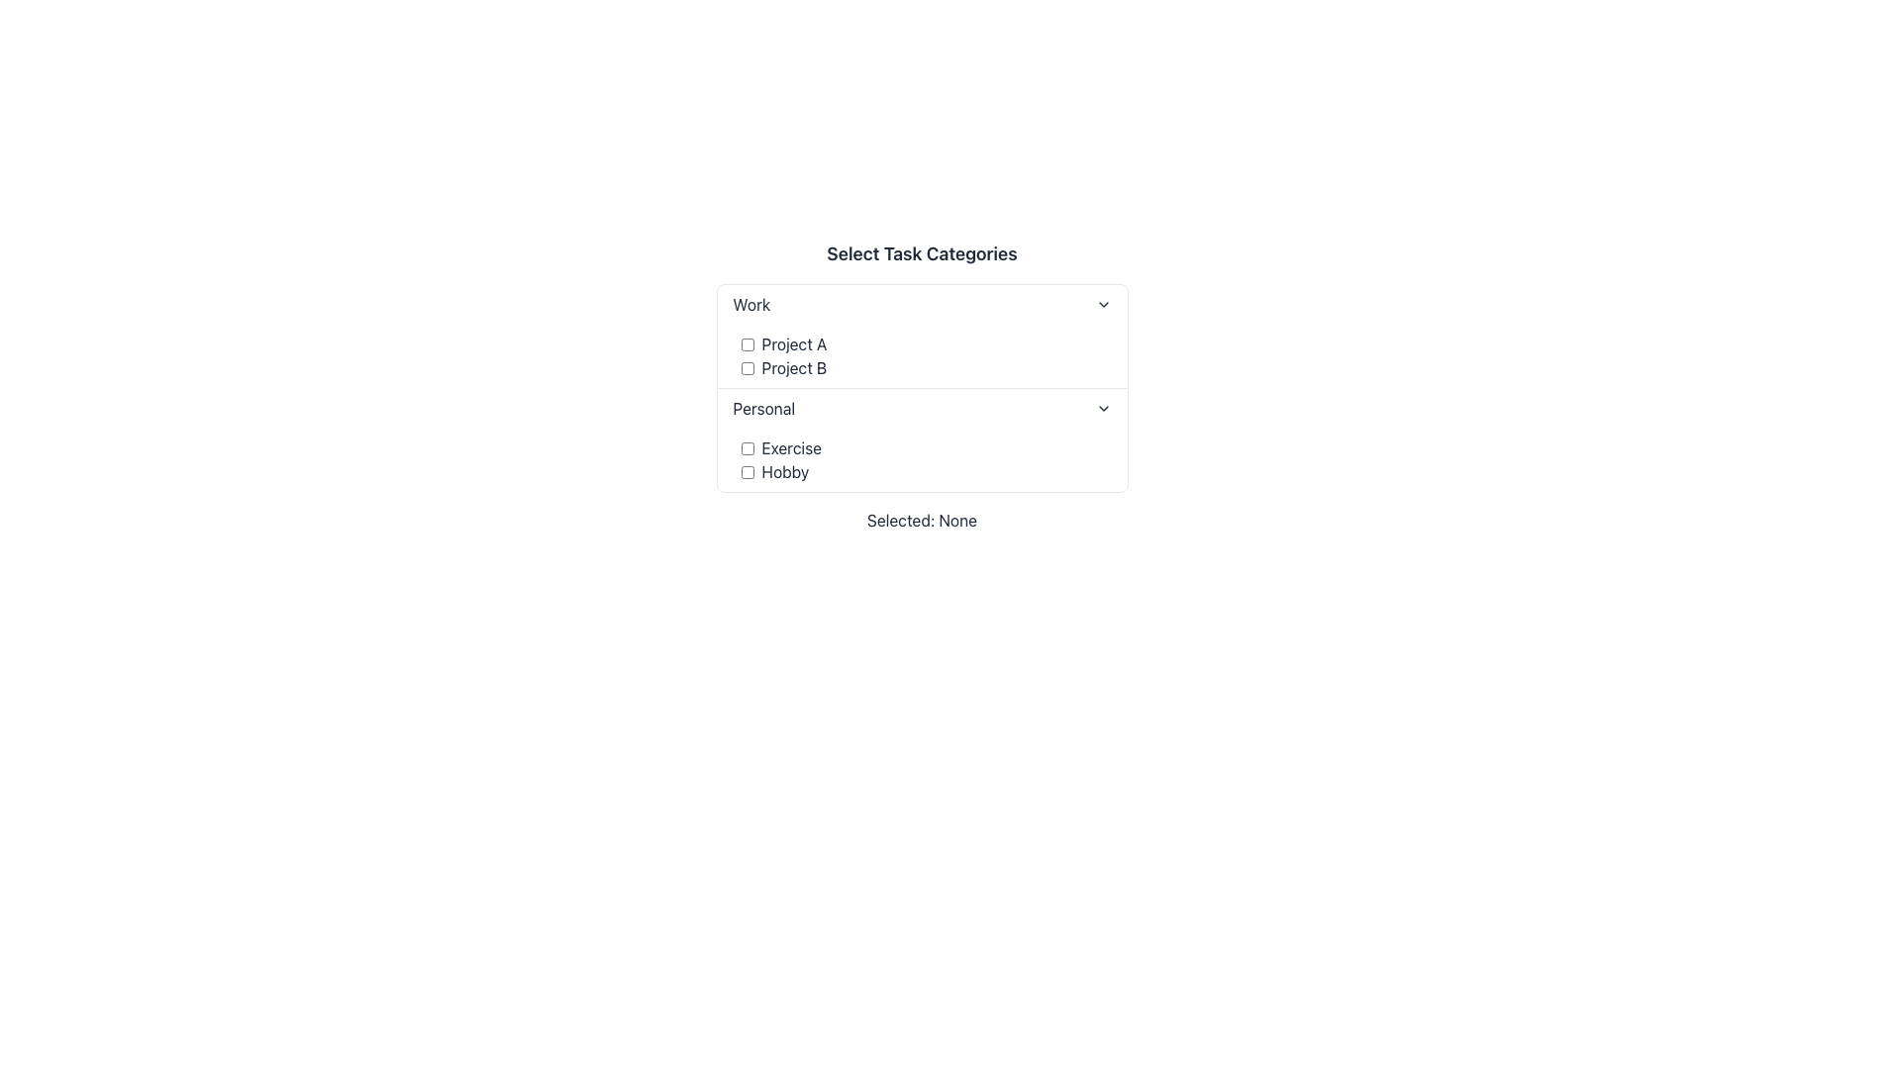  Describe the element at coordinates (746, 367) in the screenshot. I see `the checkbox` at that location.